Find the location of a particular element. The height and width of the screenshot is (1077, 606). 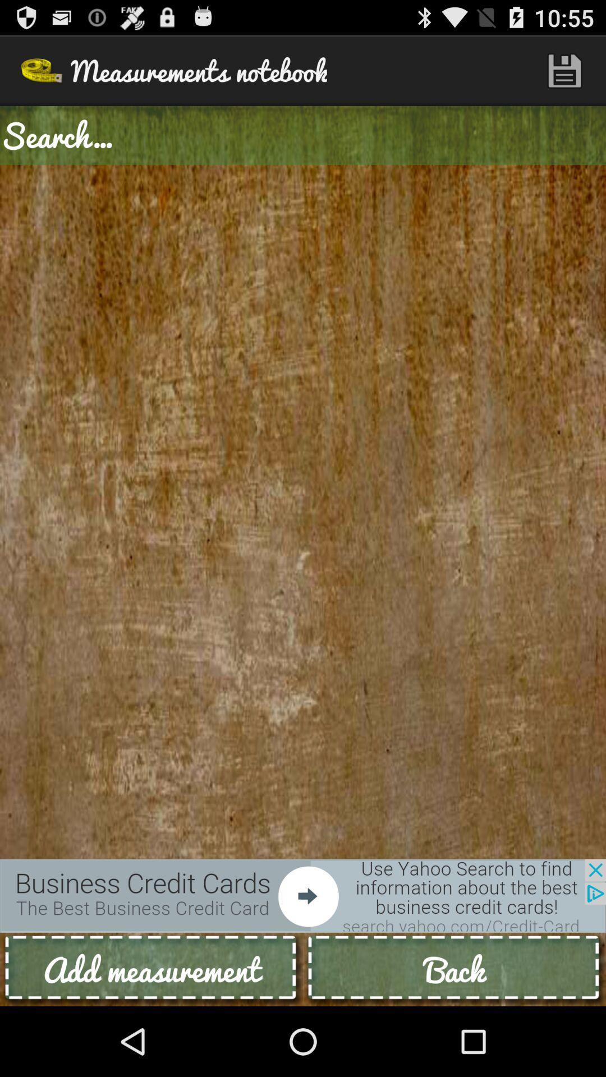

advertisement link image is located at coordinates (303, 895).